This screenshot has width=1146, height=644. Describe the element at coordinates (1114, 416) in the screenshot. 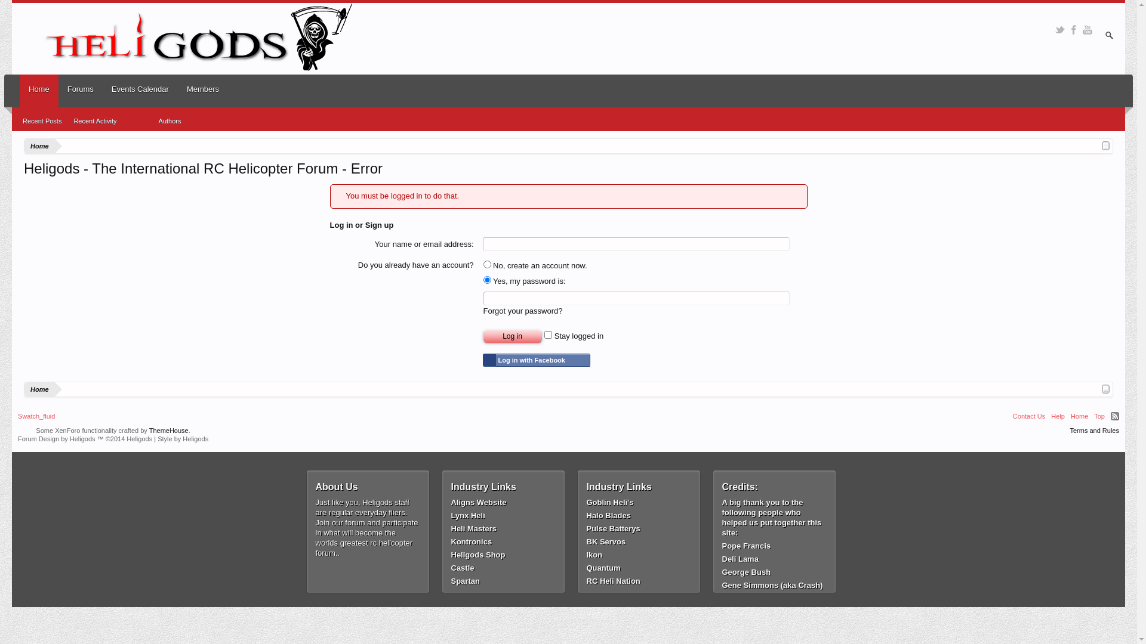

I see `'RSS'` at that location.